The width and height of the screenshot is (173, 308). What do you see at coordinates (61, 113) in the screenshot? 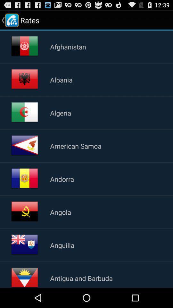
I see `the algeria item` at bounding box center [61, 113].